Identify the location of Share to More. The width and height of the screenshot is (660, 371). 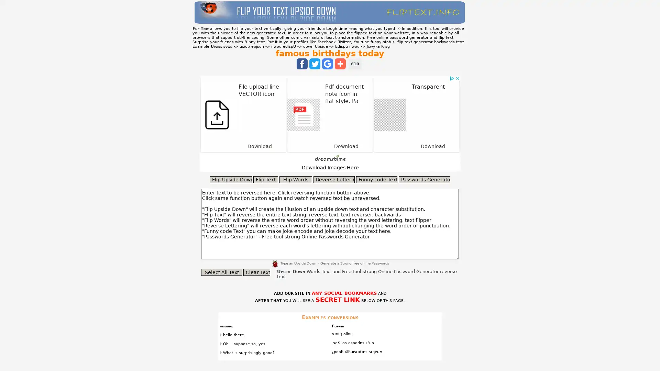
(340, 64).